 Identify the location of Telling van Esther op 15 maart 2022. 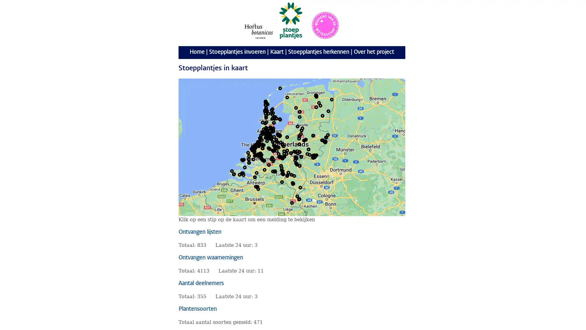
(259, 145).